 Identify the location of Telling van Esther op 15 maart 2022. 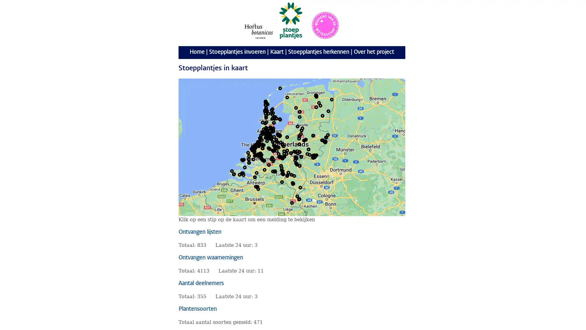
(259, 145).